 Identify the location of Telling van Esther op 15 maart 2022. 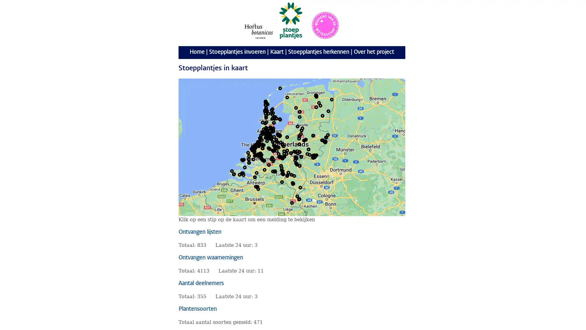
(259, 145).